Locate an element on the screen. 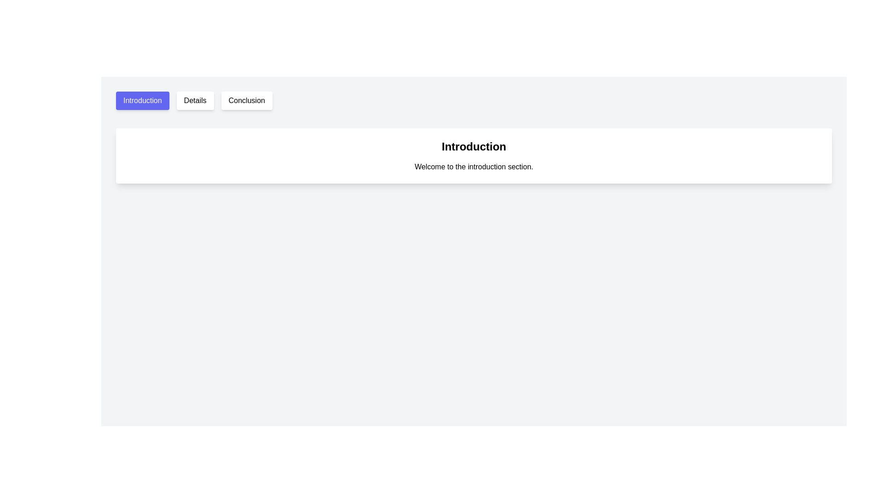 This screenshot has height=497, width=884. static text that says 'Welcome to the introduction section.' which is located directly below the bold title 'Introduction' is located at coordinates (474, 167).